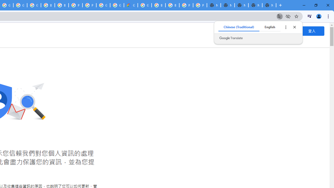  What do you see at coordinates (103, 5) in the screenshot?
I see `'Google Cloud Platform'` at bounding box center [103, 5].